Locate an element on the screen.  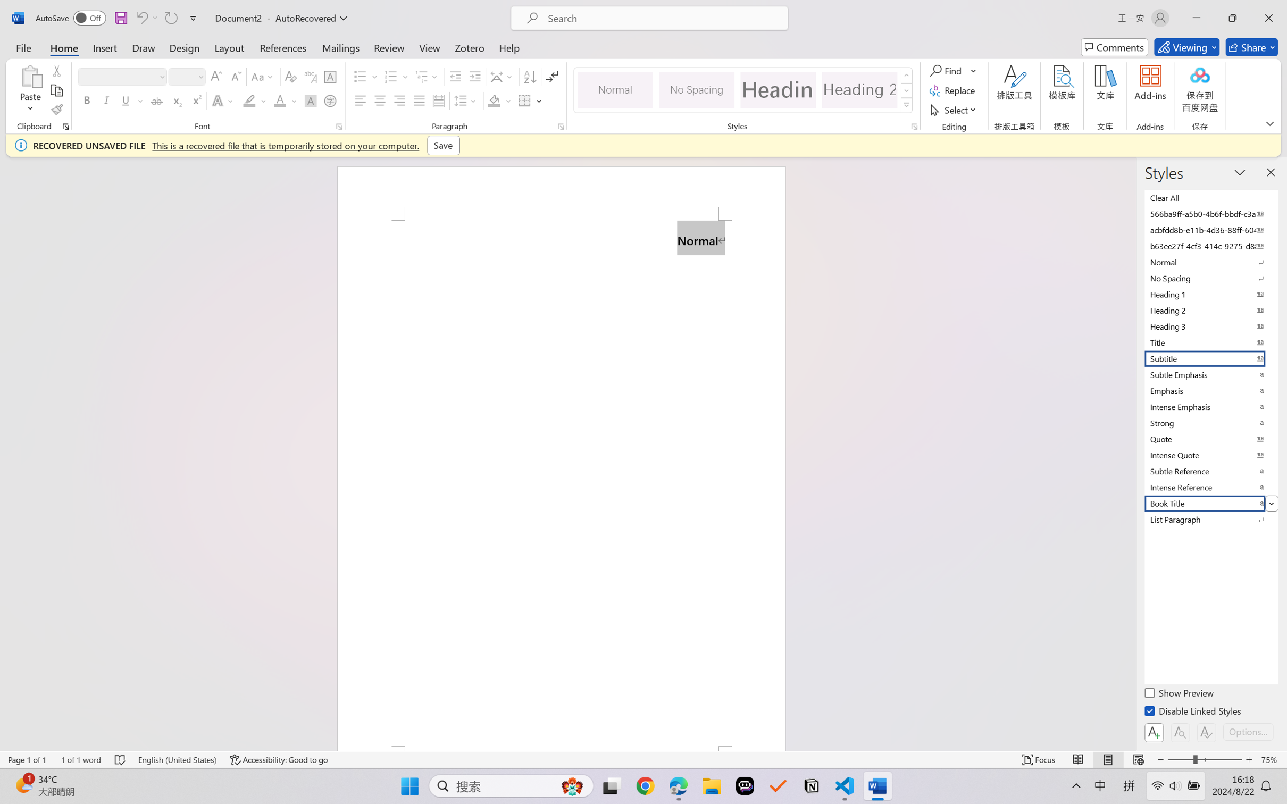
'Class: NetUIButton' is located at coordinates (1207, 732).